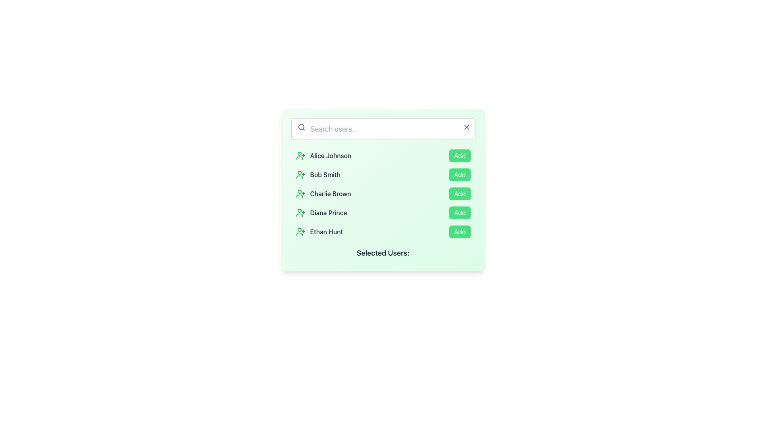 The image size is (762, 428). I want to click on the small gray magnifying glass icon located inside the search bar on the left side, so click(301, 126).